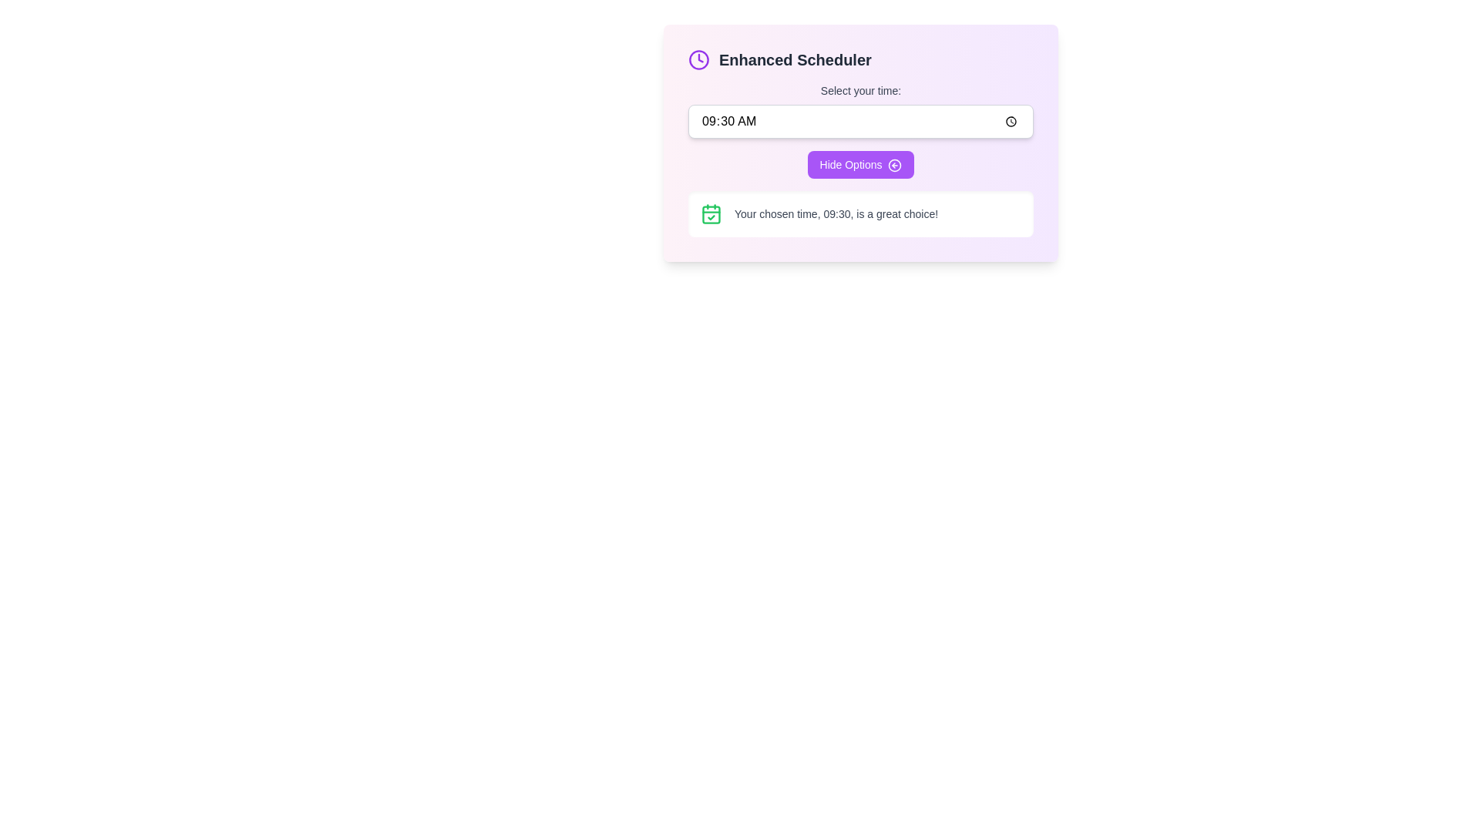 This screenshot has height=832, width=1480. What do you see at coordinates (698, 59) in the screenshot?
I see `the decorative circular shape with a purple outline located at the center of the clock icon in the top-left region of the scheduler card, preceding the text labeled 'Enhanced Scheduler.'` at bounding box center [698, 59].